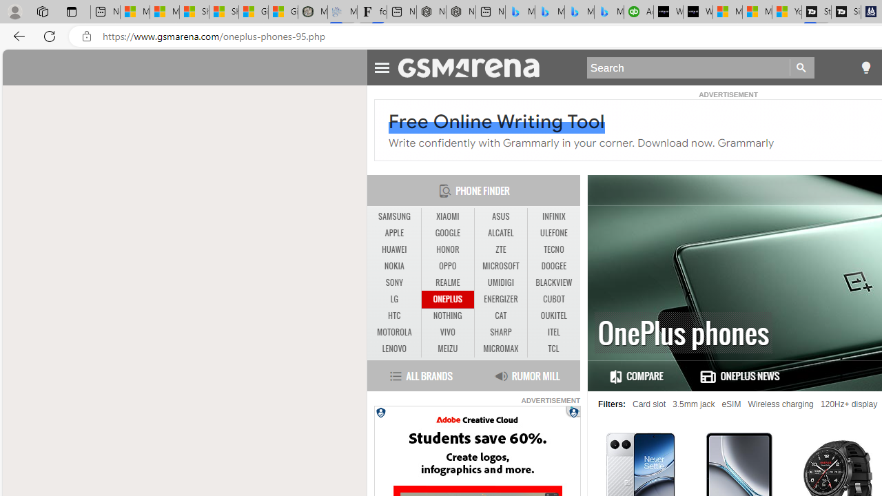 Image resolution: width=882 pixels, height=496 pixels. What do you see at coordinates (694, 404) in the screenshot?
I see `'3.5mm jack'` at bounding box center [694, 404].